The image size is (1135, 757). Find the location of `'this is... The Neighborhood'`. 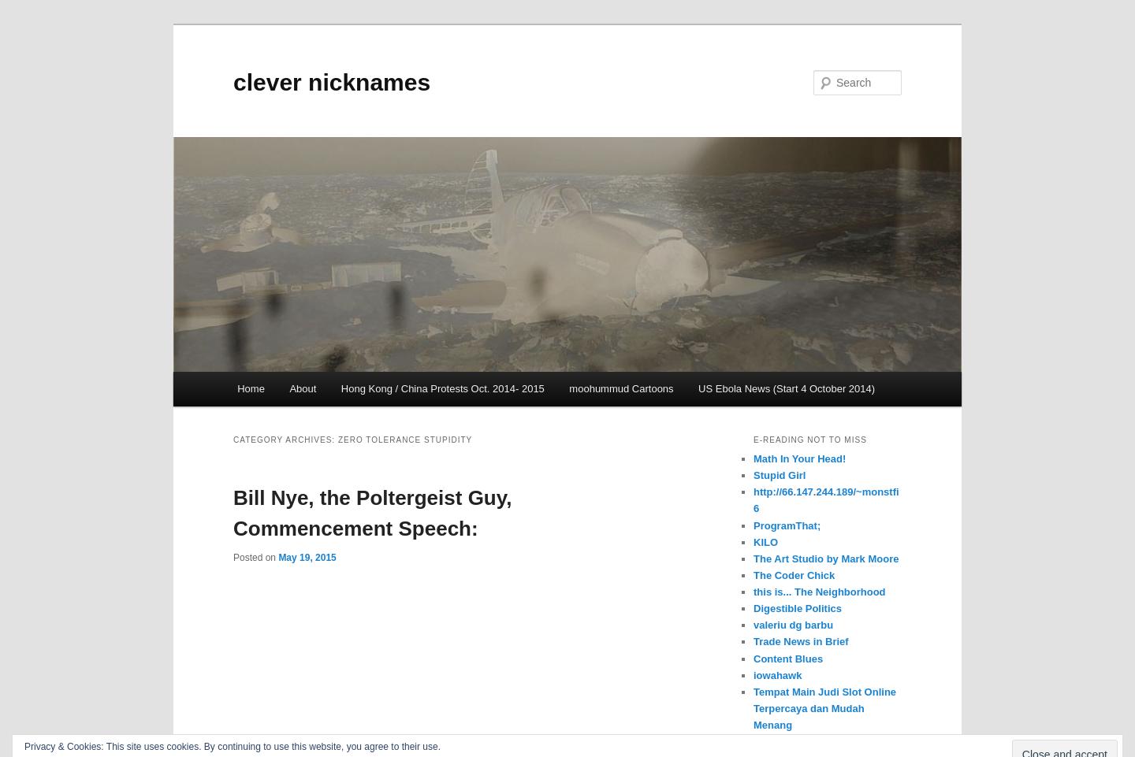

'this is... The Neighborhood' is located at coordinates (754, 591).